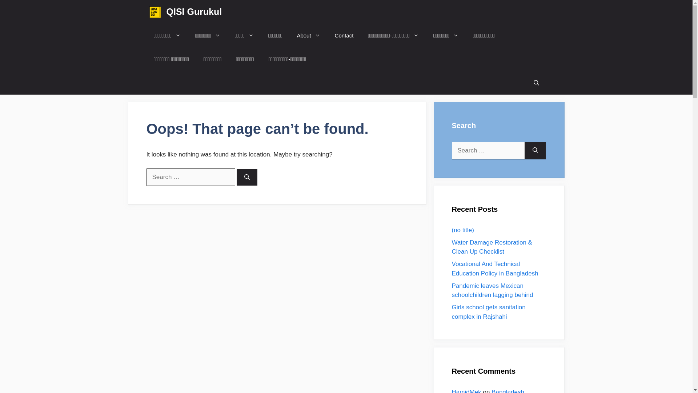 The height and width of the screenshot is (393, 698). I want to click on 'Search for:', so click(488, 150).